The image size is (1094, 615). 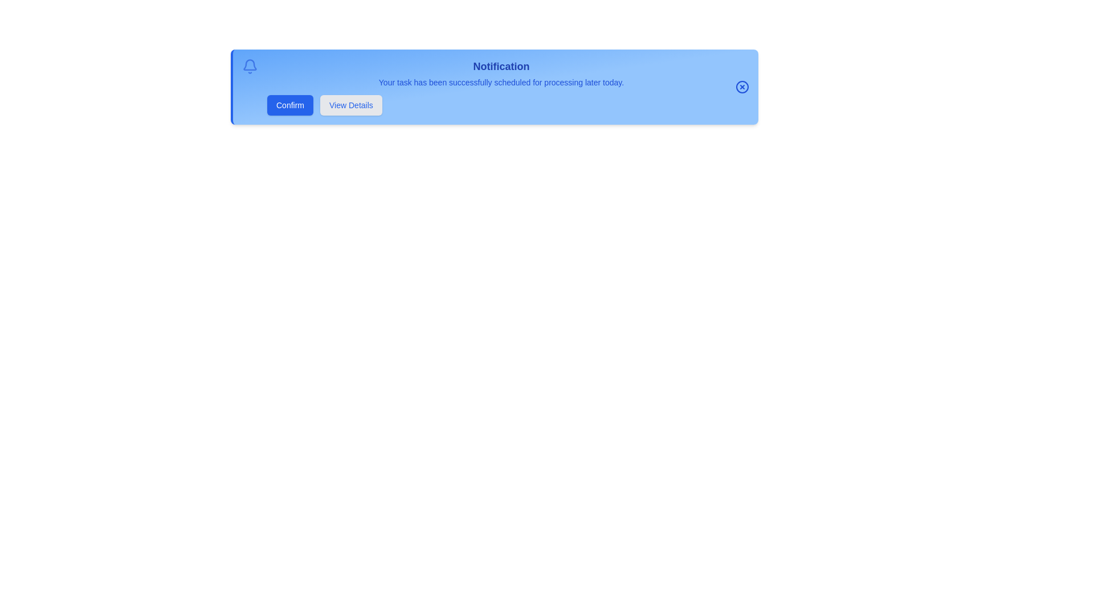 I want to click on close button (X icon) to dismiss the alert, so click(x=742, y=87).